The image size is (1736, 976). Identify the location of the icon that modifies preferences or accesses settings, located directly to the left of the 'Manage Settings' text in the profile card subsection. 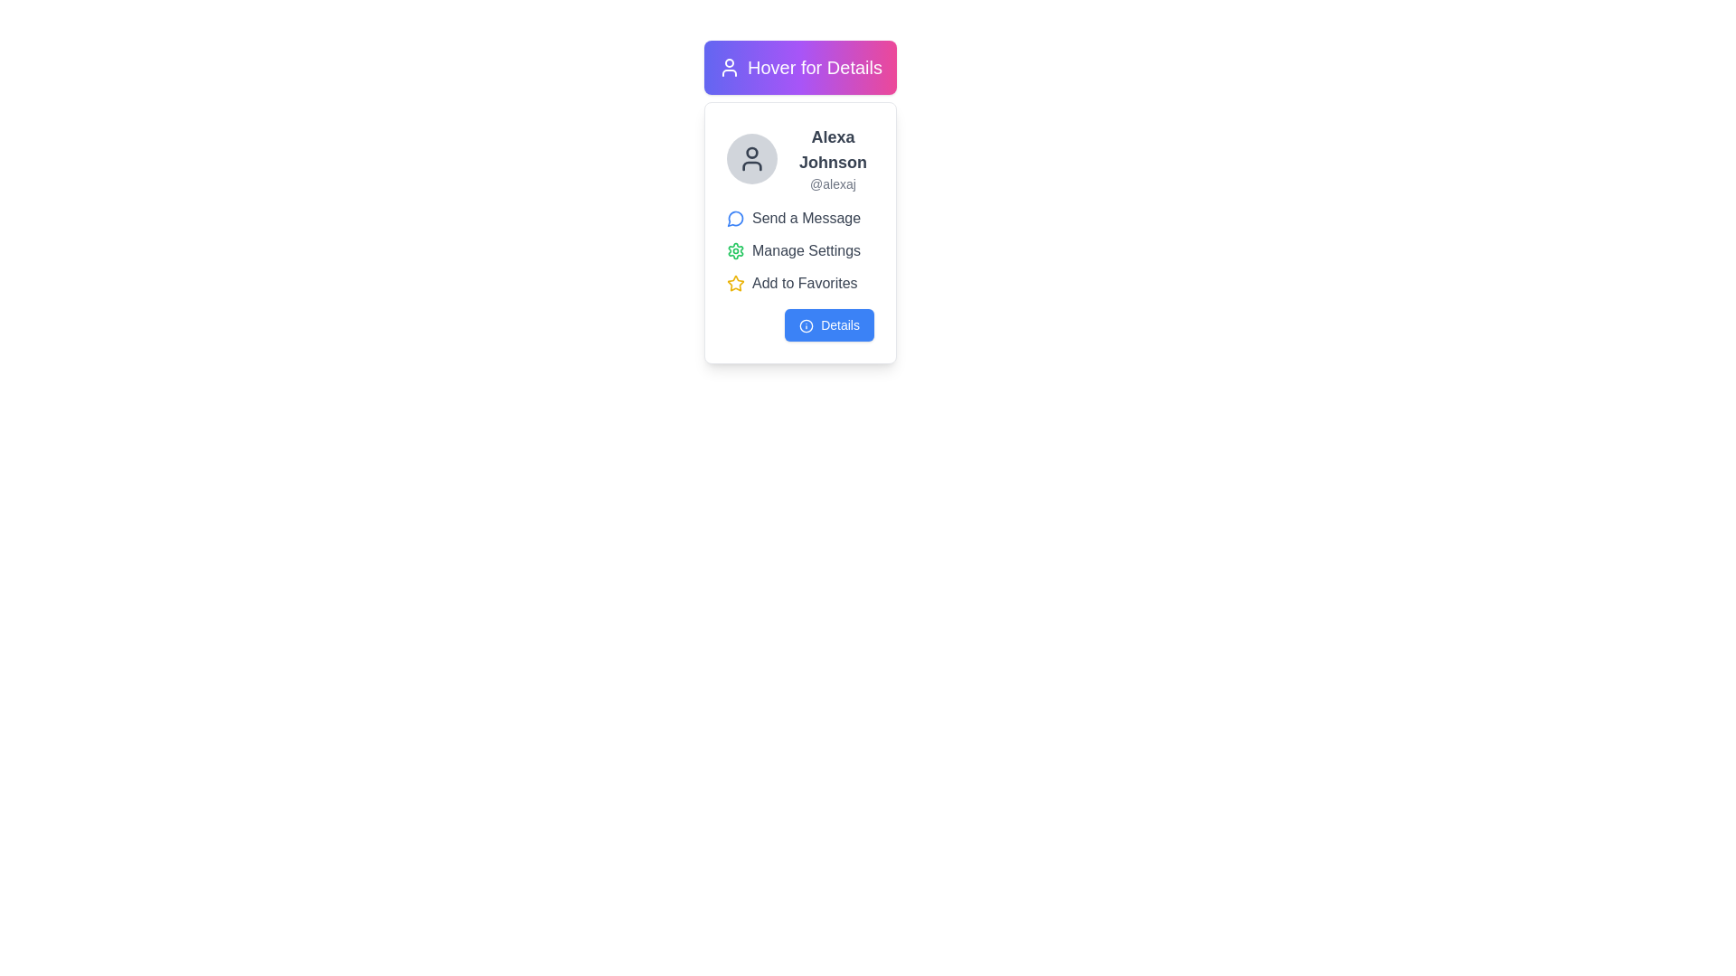
(736, 250).